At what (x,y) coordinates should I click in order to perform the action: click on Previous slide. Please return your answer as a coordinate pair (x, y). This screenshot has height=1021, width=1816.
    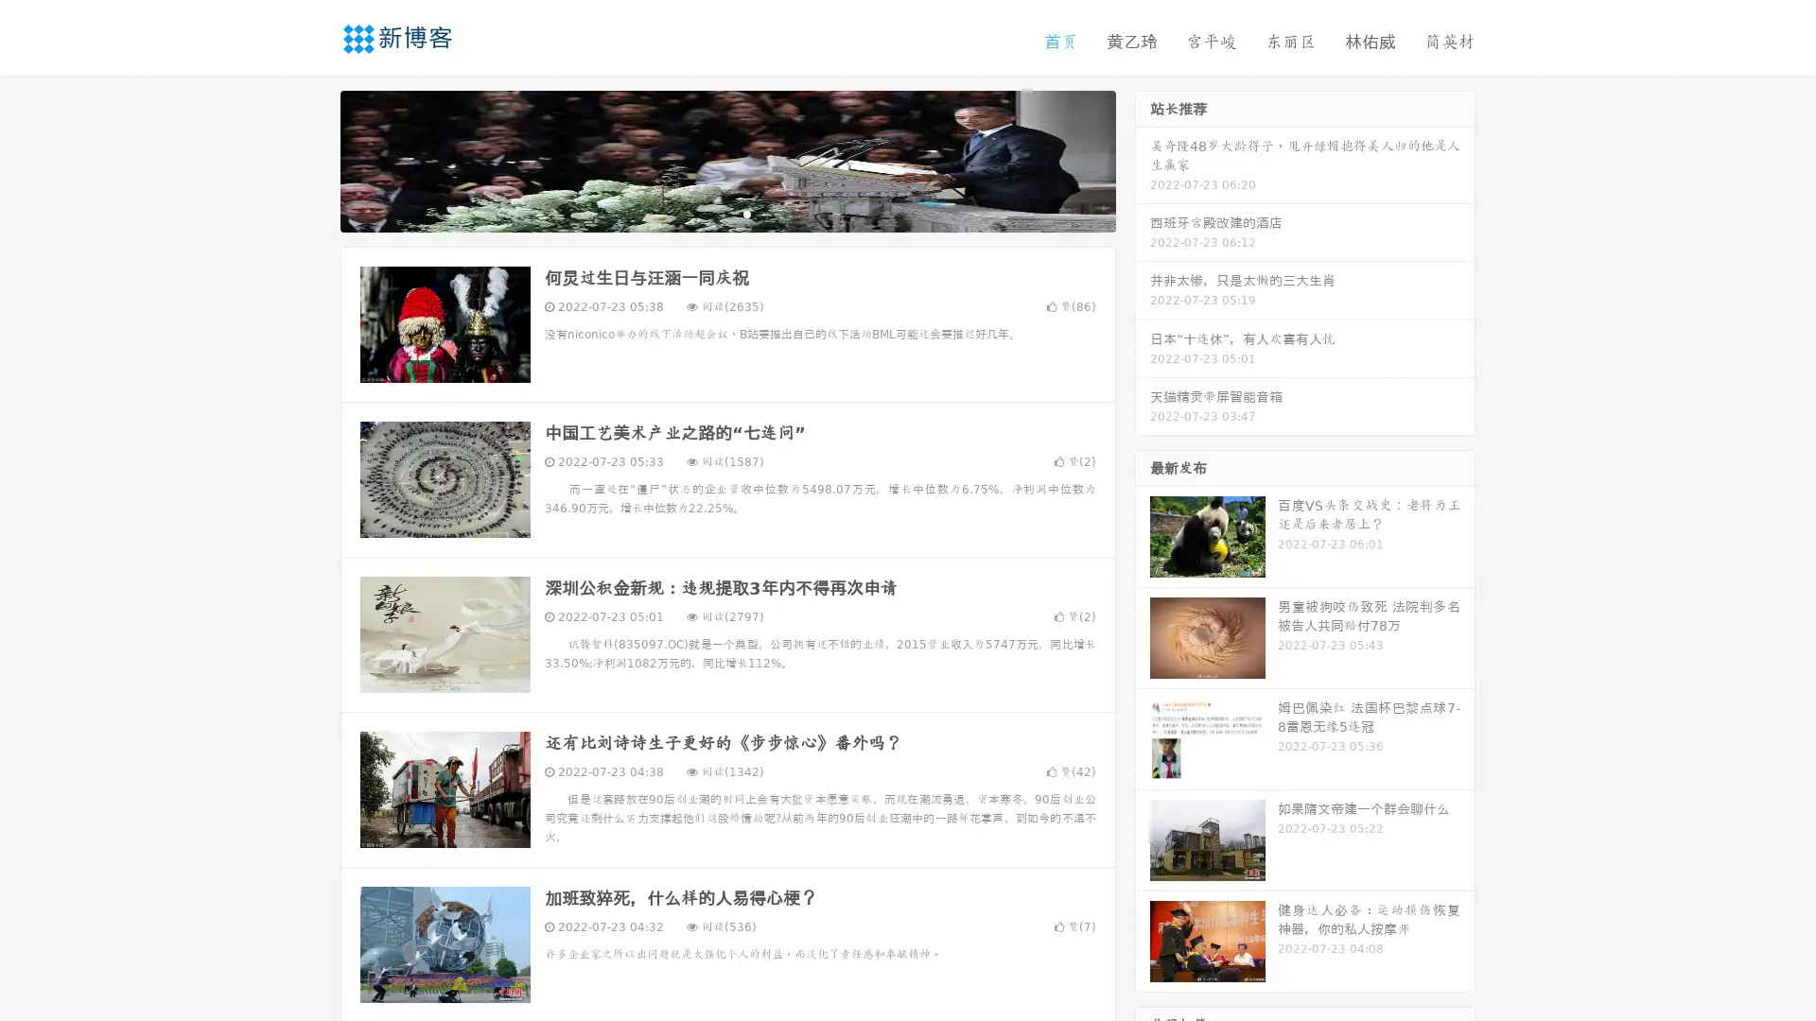
    Looking at the image, I should click on (312, 159).